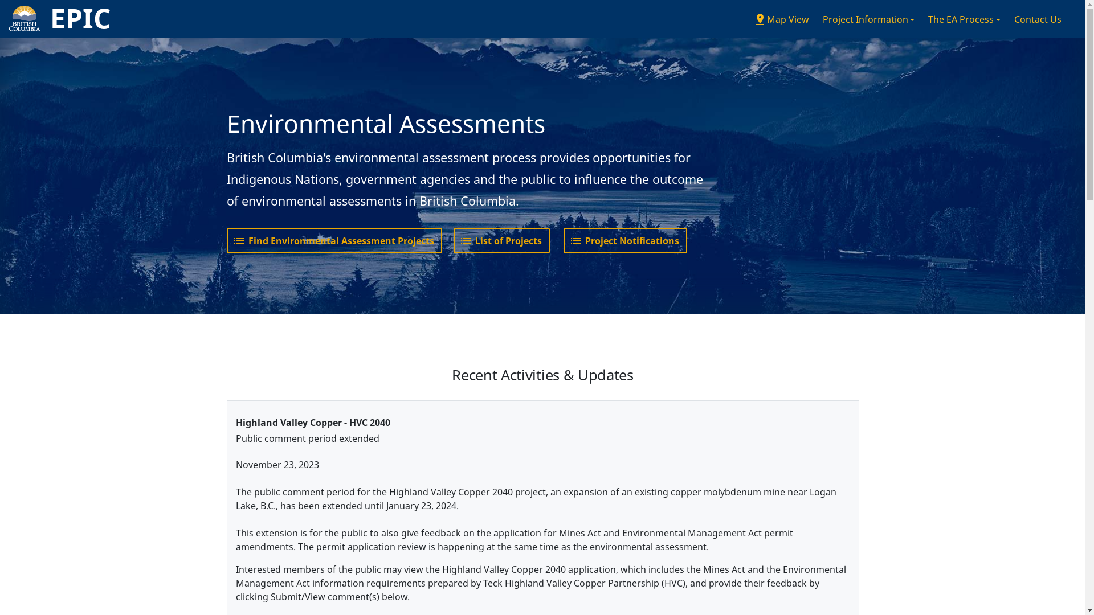 This screenshot has width=1094, height=615. What do you see at coordinates (781, 19) in the screenshot?
I see `'pin_dropMap View'` at bounding box center [781, 19].